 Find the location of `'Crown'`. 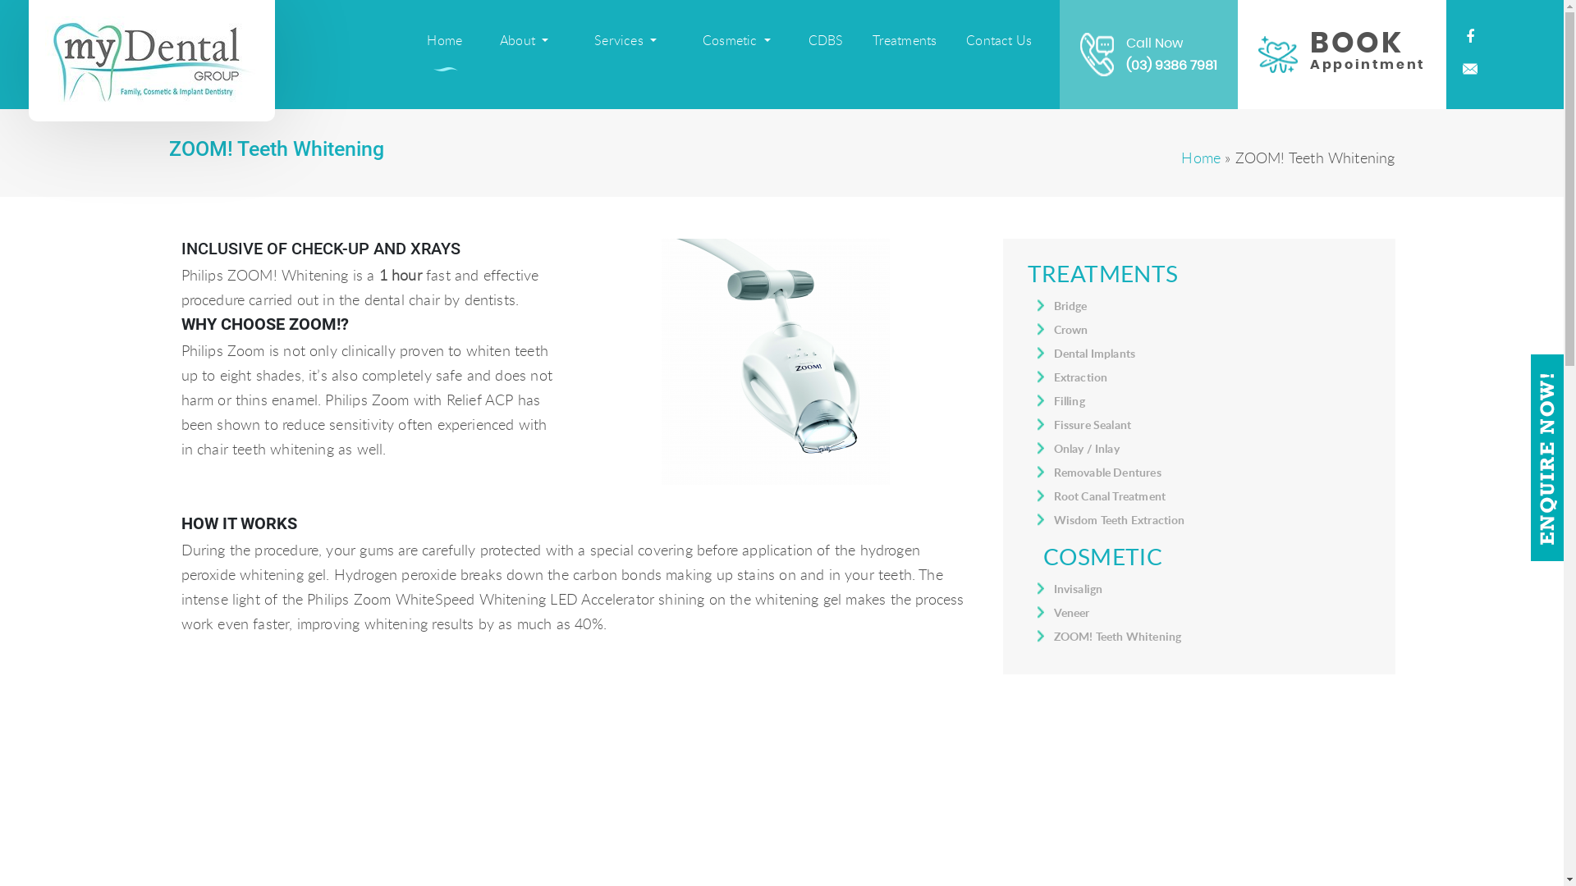

'Crown' is located at coordinates (1071, 329).